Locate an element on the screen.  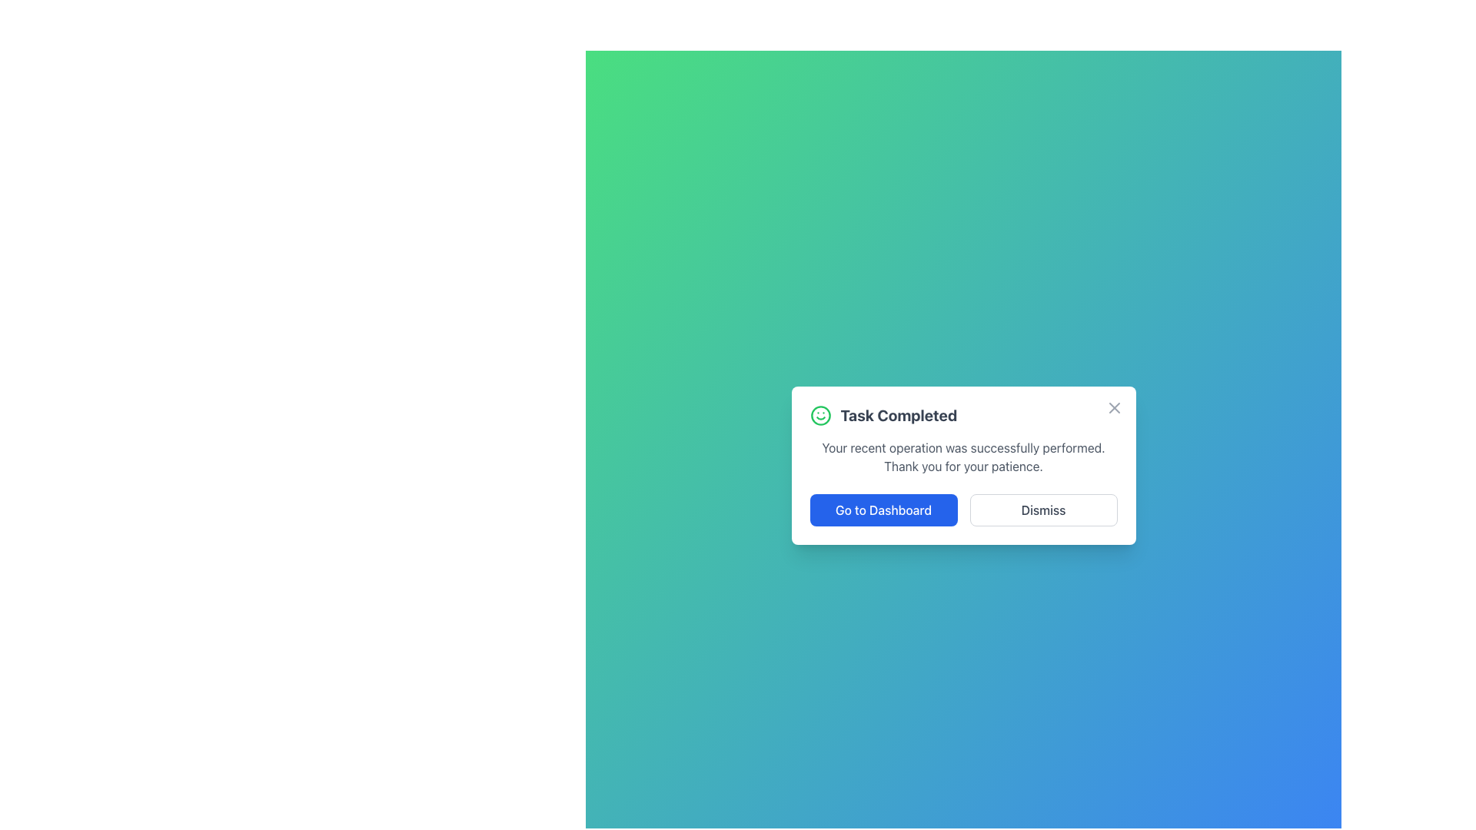
the Close Icon located in the top-right corner of the notification popup is located at coordinates (1114, 407).